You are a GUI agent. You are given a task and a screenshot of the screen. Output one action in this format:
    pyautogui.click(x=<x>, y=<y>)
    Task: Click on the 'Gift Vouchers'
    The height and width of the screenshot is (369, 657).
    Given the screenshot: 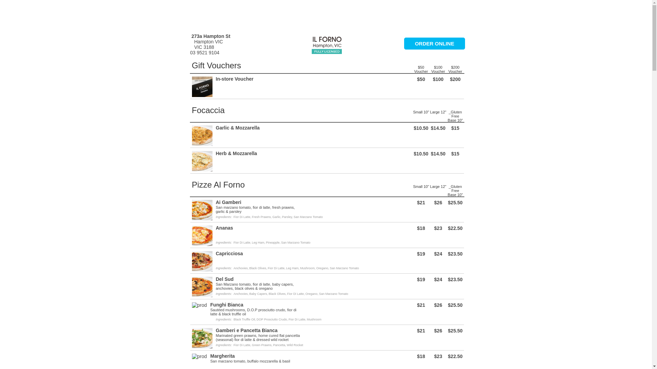 What is the action you would take?
    pyautogui.click(x=216, y=65)
    